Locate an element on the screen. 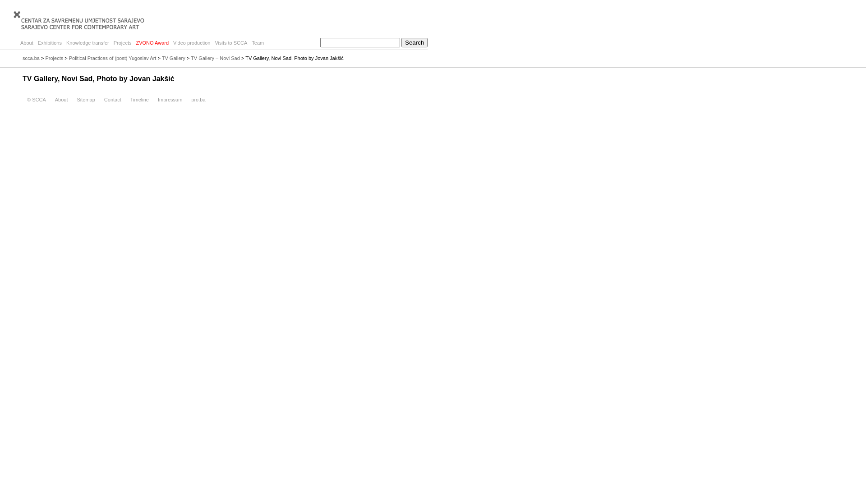 The image size is (866, 487). 'Impressum' is located at coordinates (170, 99).